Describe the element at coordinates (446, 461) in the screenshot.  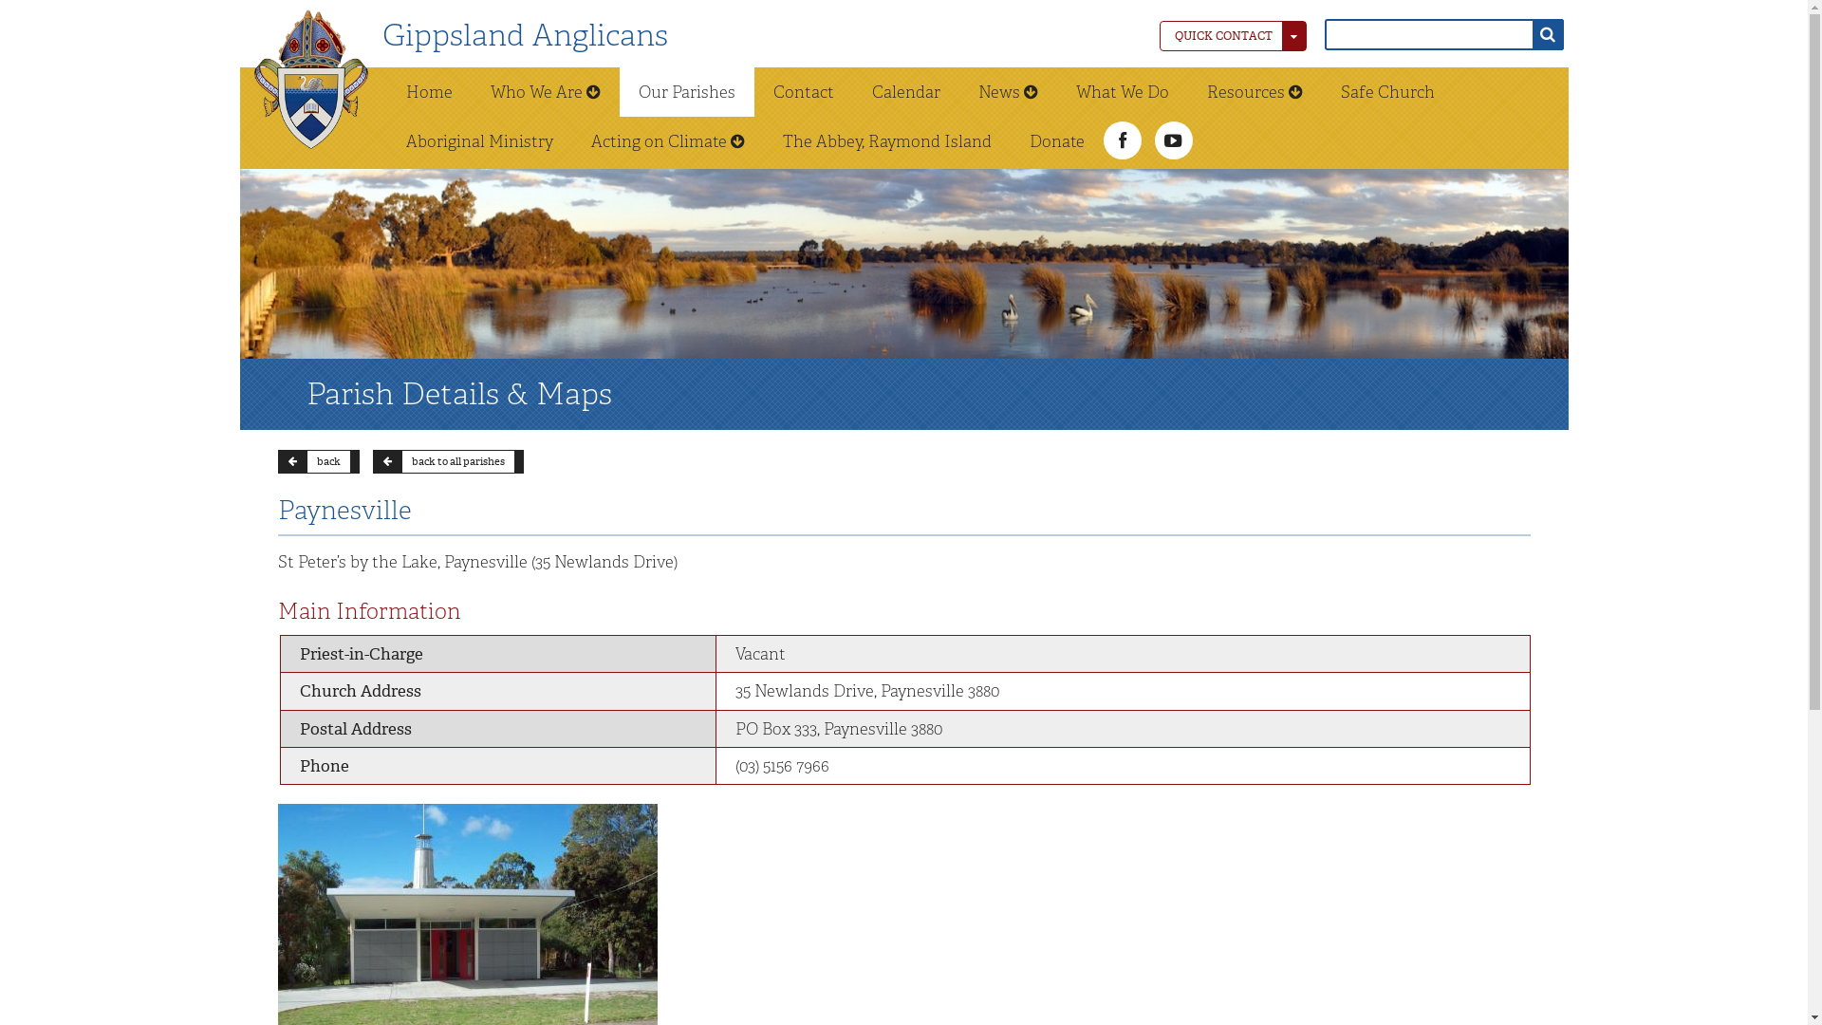
I see `'back to all parishes'` at that location.